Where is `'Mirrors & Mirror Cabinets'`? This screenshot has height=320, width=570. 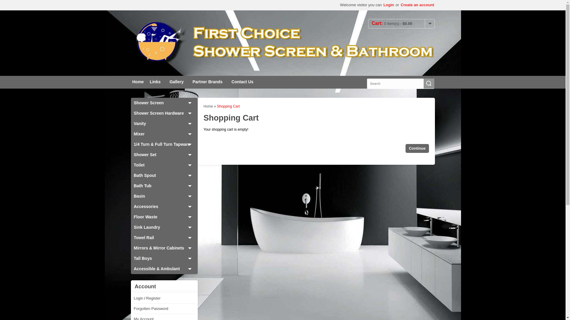 'Mirrors & Mirror Cabinets' is located at coordinates (130, 248).